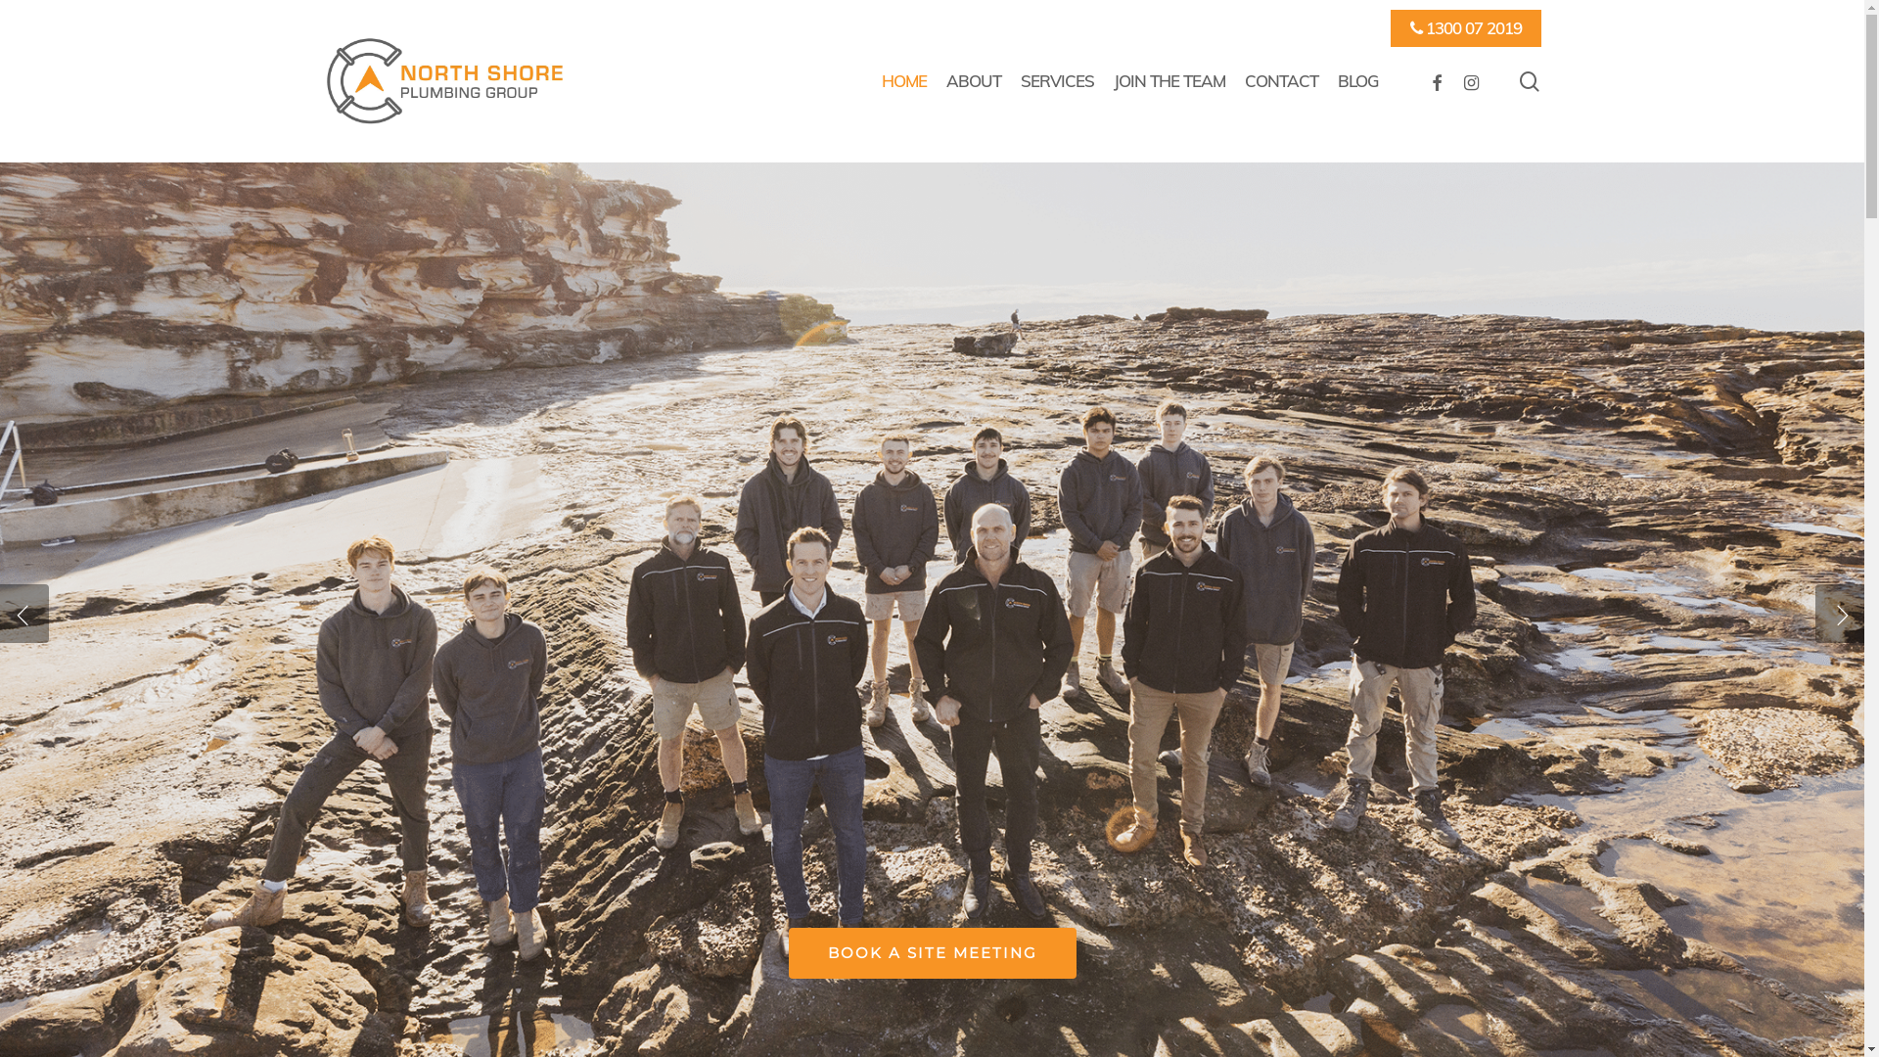  Describe the element at coordinates (902, 80) in the screenshot. I see `'HOME'` at that location.